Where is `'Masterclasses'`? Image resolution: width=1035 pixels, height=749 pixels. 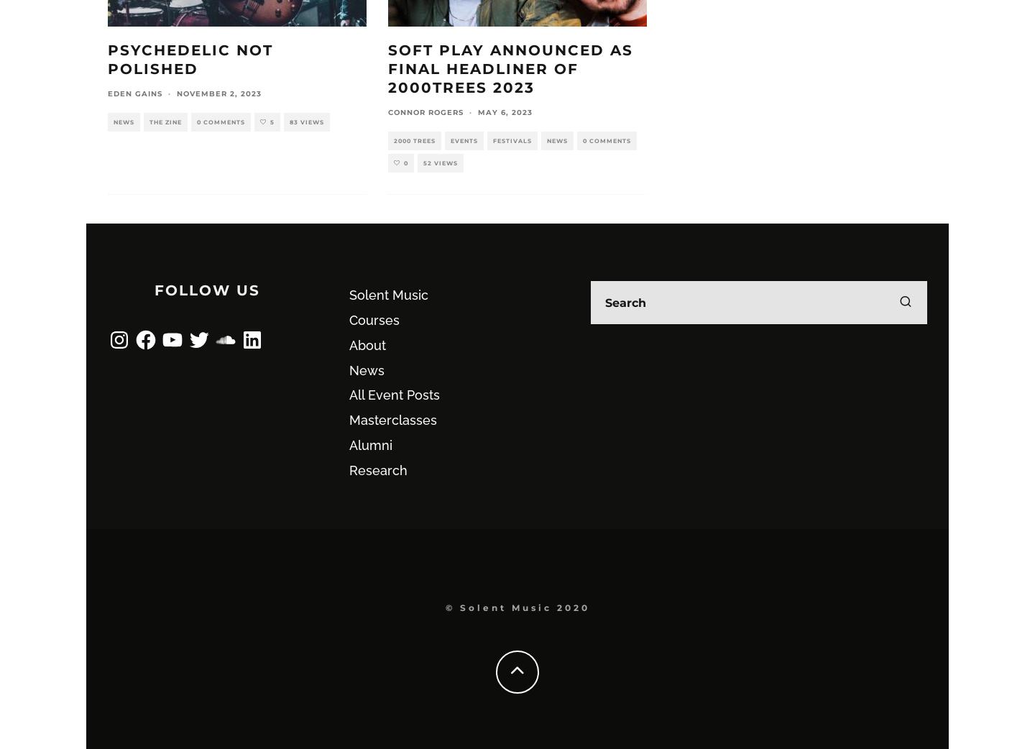 'Masterclasses' is located at coordinates (349, 419).